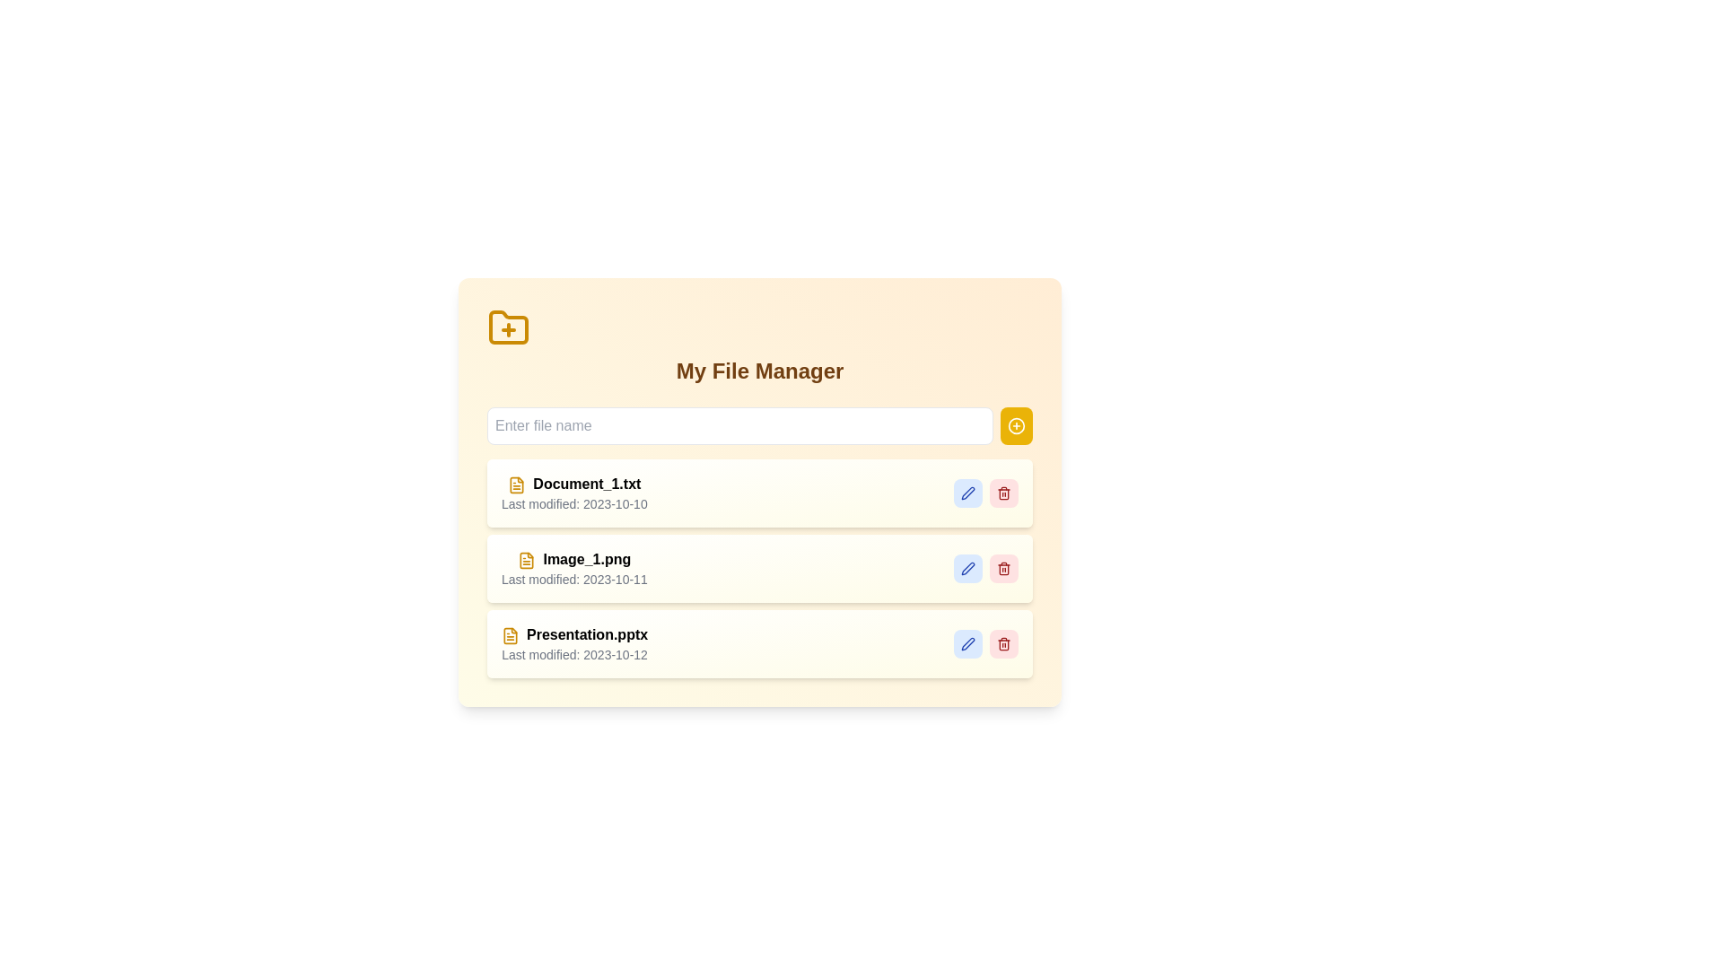 The height and width of the screenshot is (969, 1723). What do you see at coordinates (587, 483) in the screenshot?
I see `the Text label that represents the filename of the associated file, located at the upper part of the list above 'Image_1.png' and 'Presentation.pptx'` at bounding box center [587, 483].